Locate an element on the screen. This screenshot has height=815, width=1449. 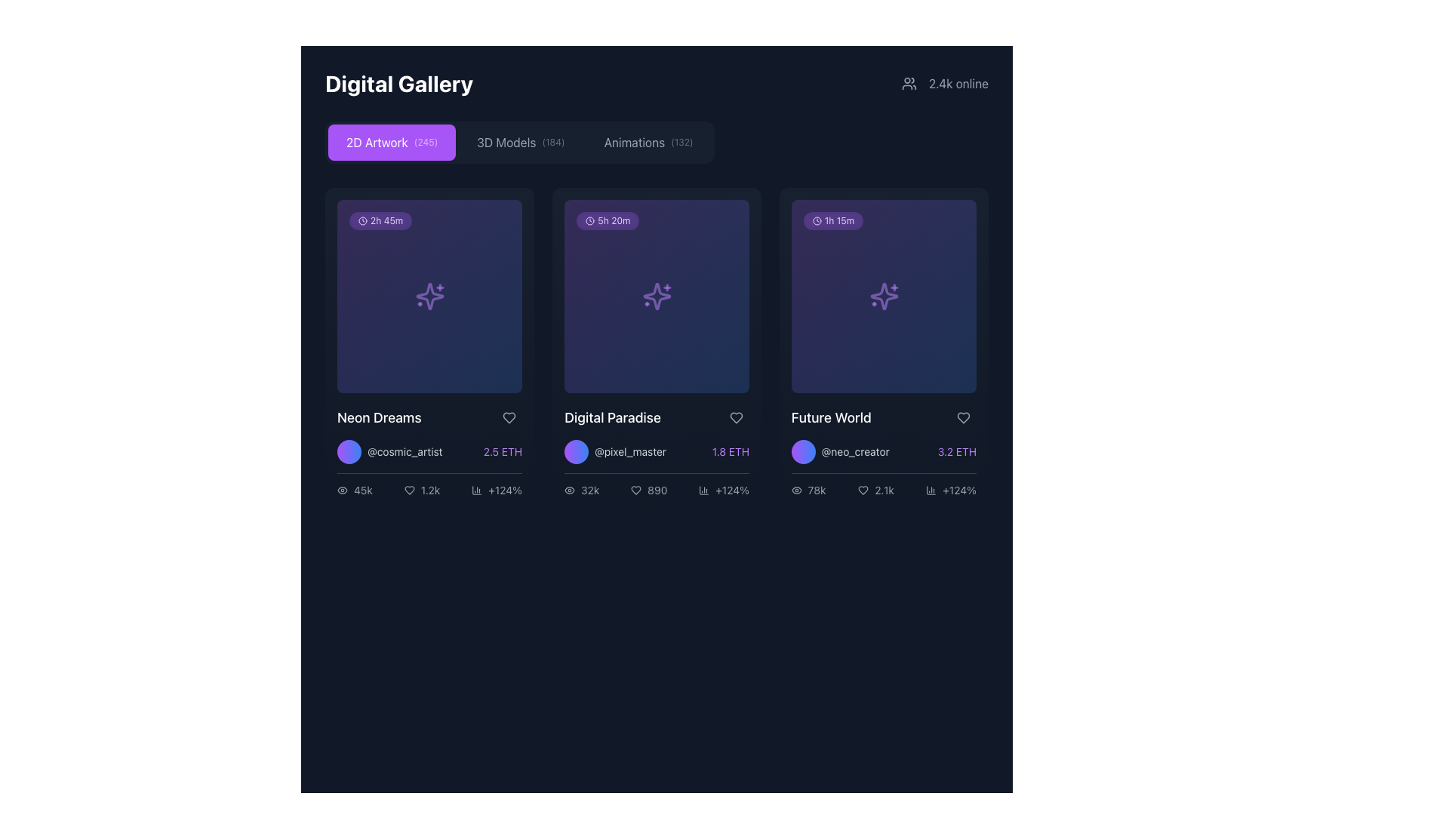
the text label displaying the title of the digital artwork located in the first column of the grid layout under the large preview thumbnail is located at coordinates (379, 418).